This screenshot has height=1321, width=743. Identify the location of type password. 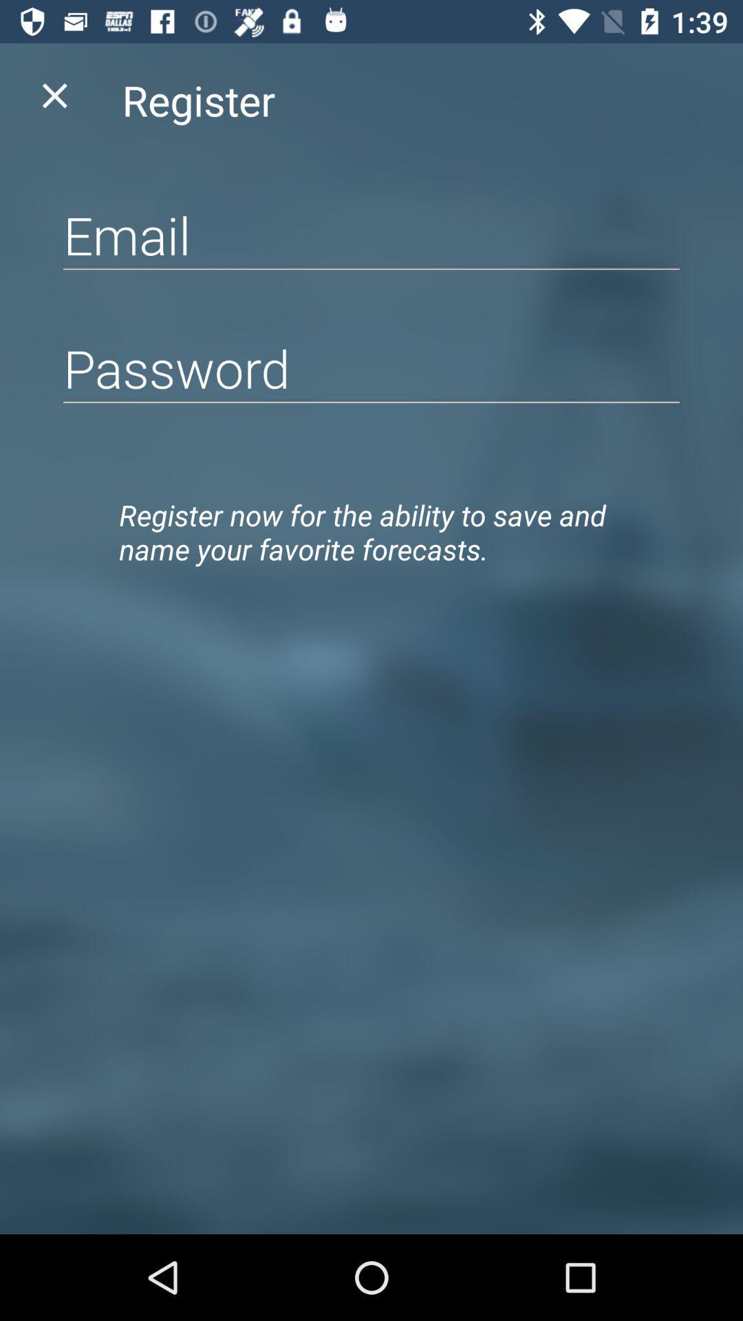
(371, 368).